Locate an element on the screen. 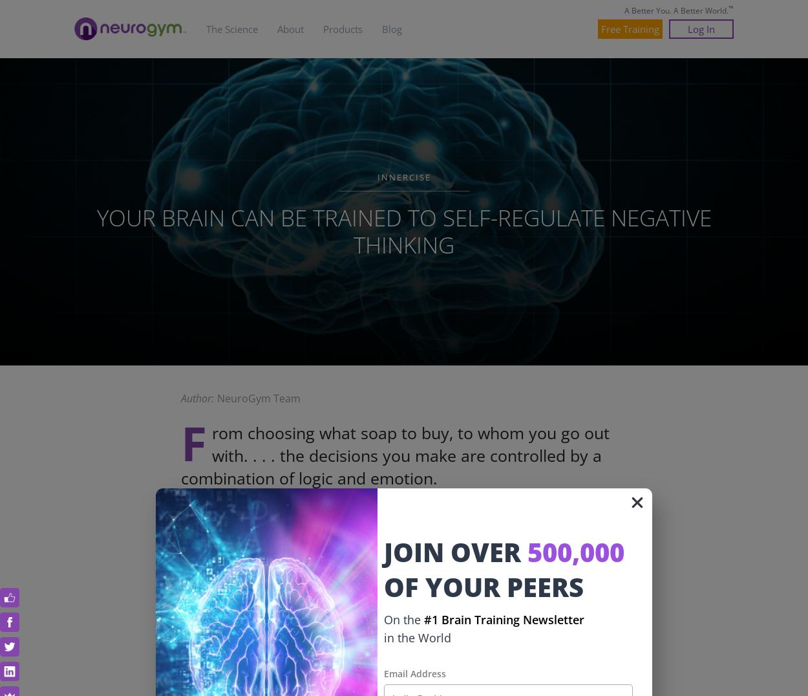 This screenshot has height=696, width=808. 'That sounds simple enough, but every time you resolve to do or not do something, your brain is deliberating a multitude of factors at lightning speed.' is located at coordinates (399, 519).